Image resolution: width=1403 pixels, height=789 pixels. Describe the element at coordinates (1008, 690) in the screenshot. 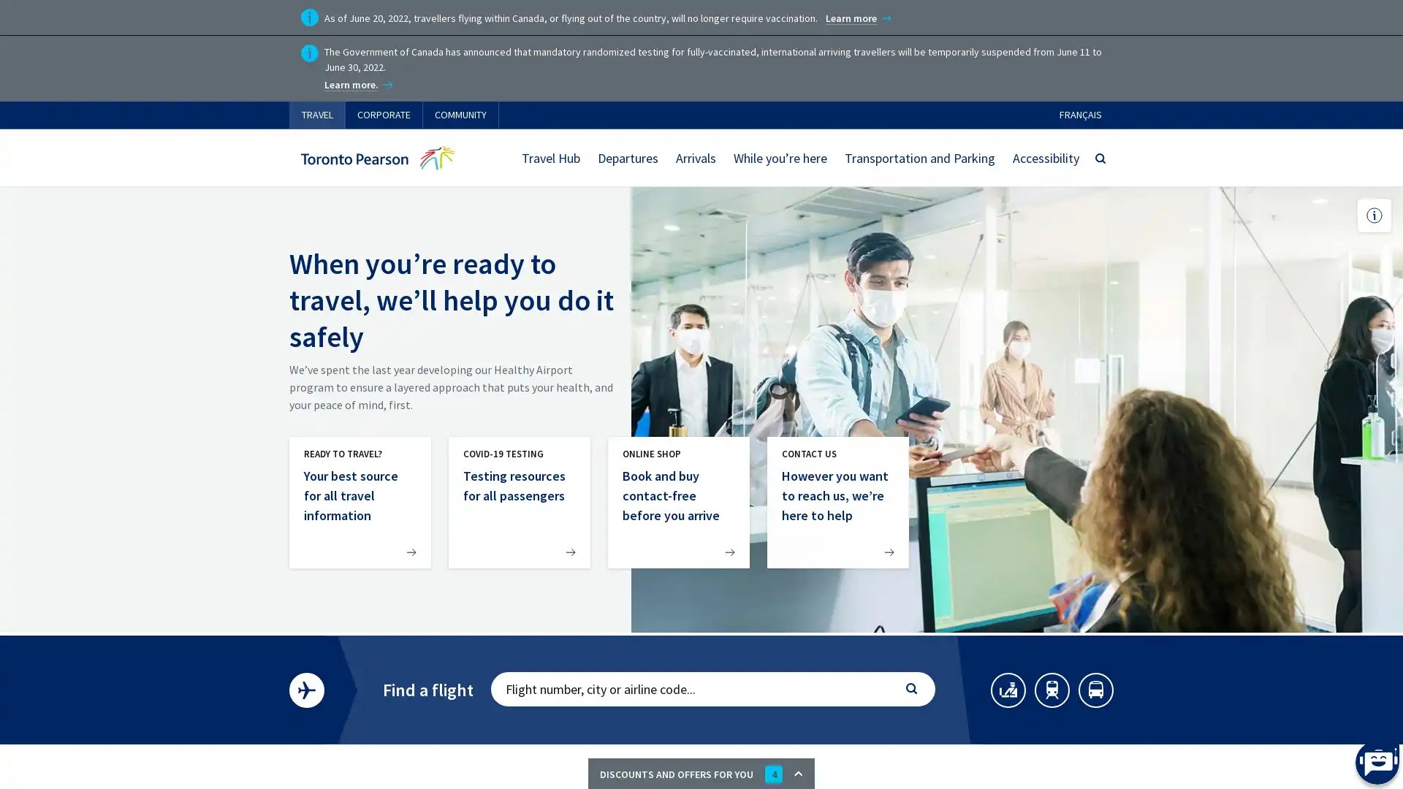

I see `SECURITY` at that location.